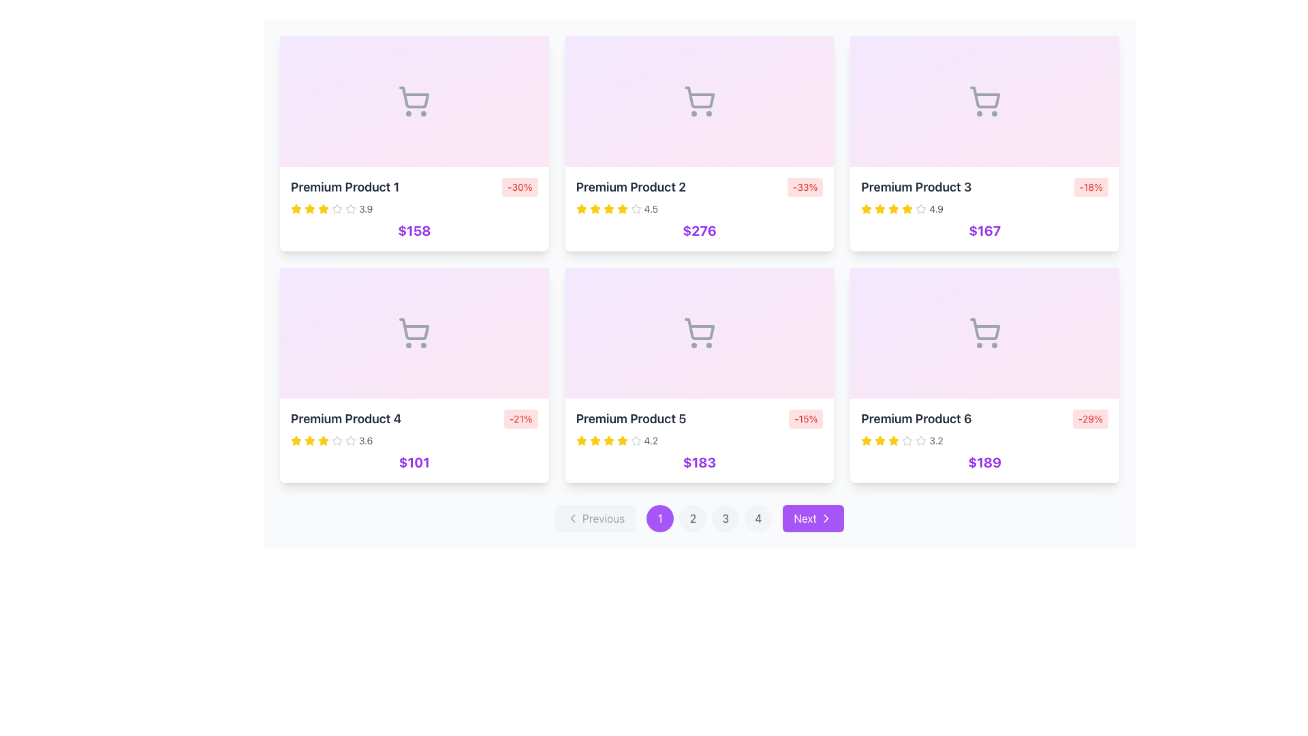 The width and height of the screenshot is (1308, 736). I want to click on the star rating indicator for the sixth product card titled 'Premium Product 6', located in the bottom-right product card in the last row of the product grid, so click(866, 441).